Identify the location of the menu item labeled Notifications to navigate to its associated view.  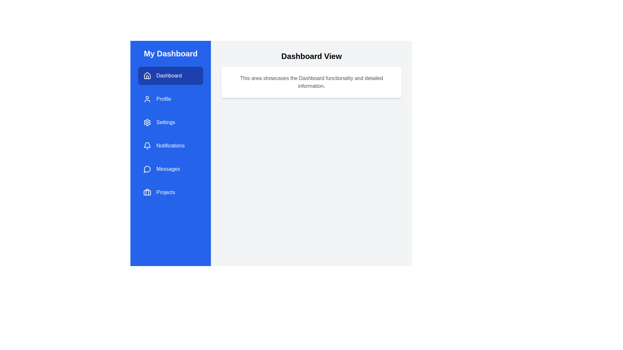
(171, 146).